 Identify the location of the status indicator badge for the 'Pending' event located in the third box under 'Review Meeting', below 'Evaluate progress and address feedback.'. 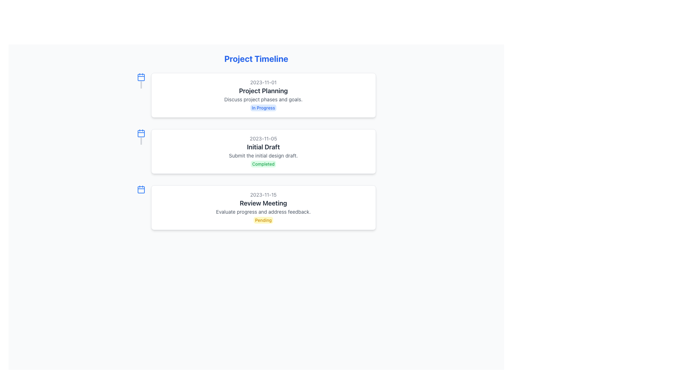
(263, 220).